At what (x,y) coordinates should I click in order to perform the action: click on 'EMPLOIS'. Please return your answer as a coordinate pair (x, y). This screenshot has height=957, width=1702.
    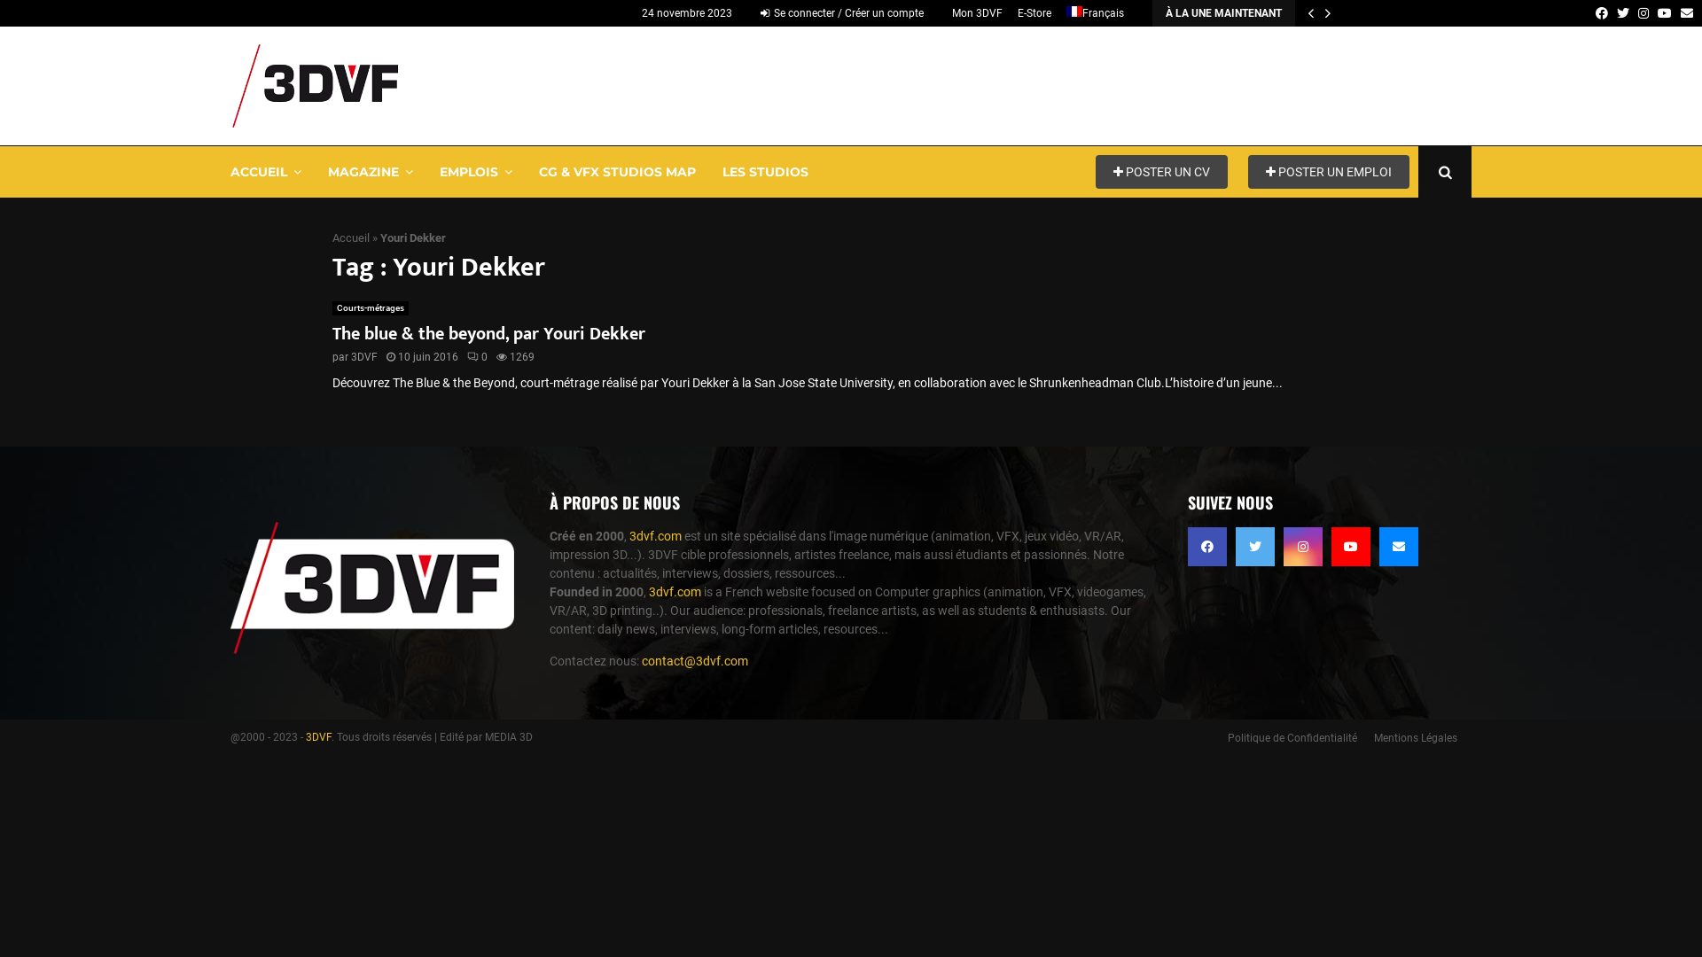
    Looking at the image, I should click on (476, 171).